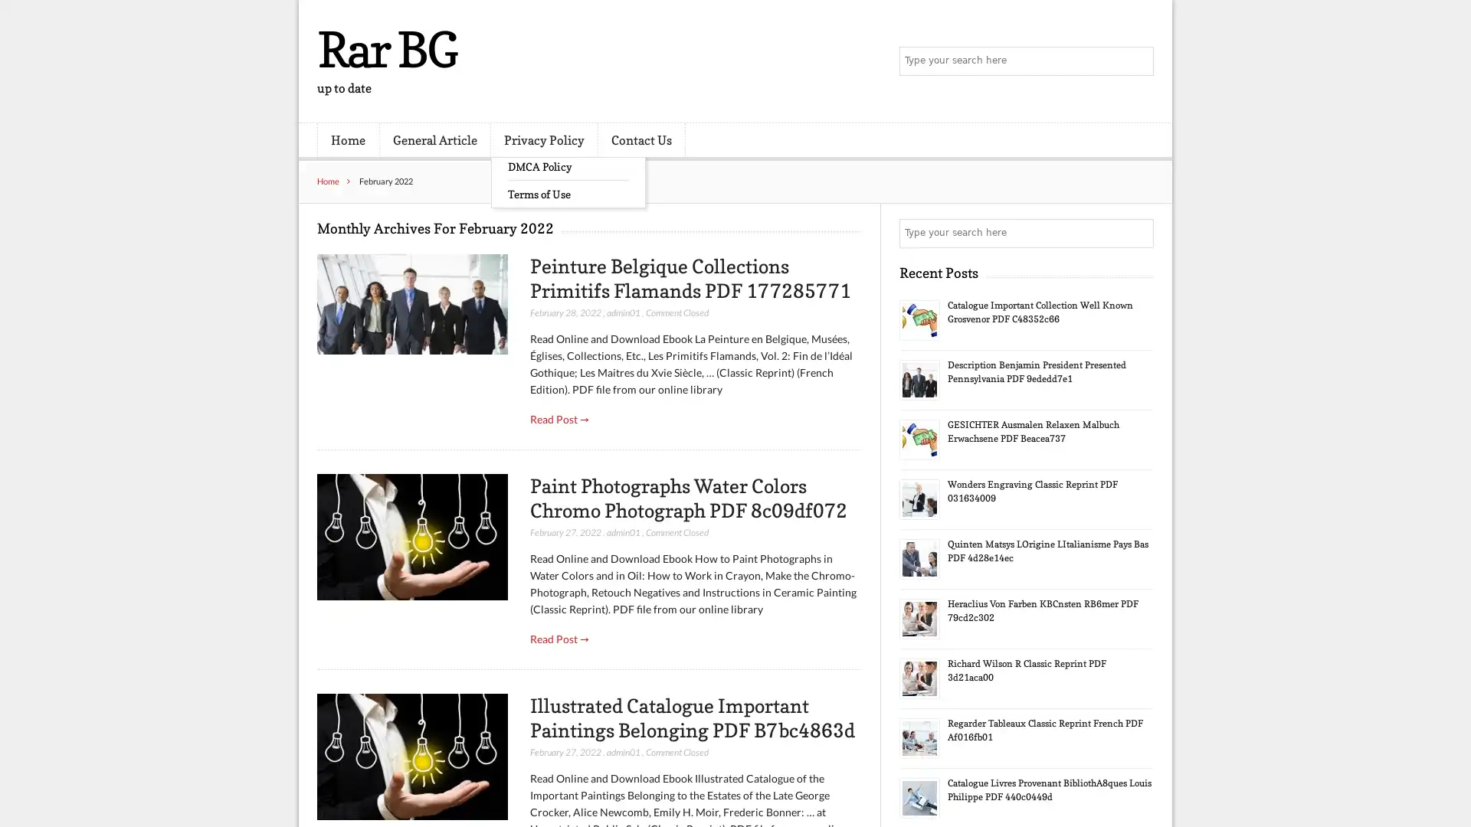 The image size is (1471, 827). Describe the element at coordinates (1138, 233) in the screenshot. I see `Search` at that location.